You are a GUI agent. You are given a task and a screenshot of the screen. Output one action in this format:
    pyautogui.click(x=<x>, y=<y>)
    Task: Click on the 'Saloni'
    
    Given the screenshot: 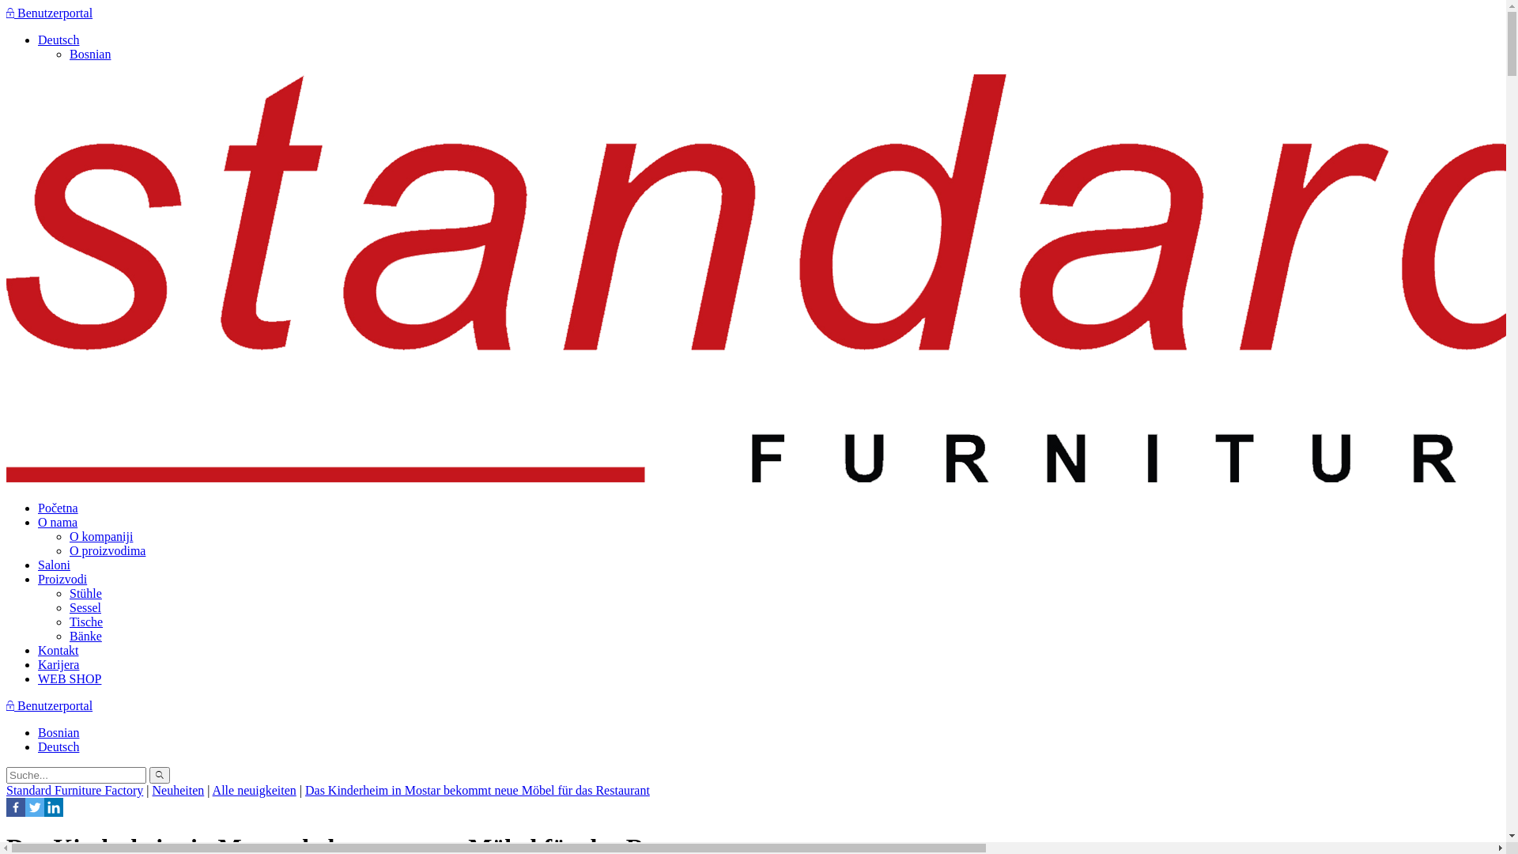 What is the action you would take?
    pyautogui.click(x=38, y=564)
    